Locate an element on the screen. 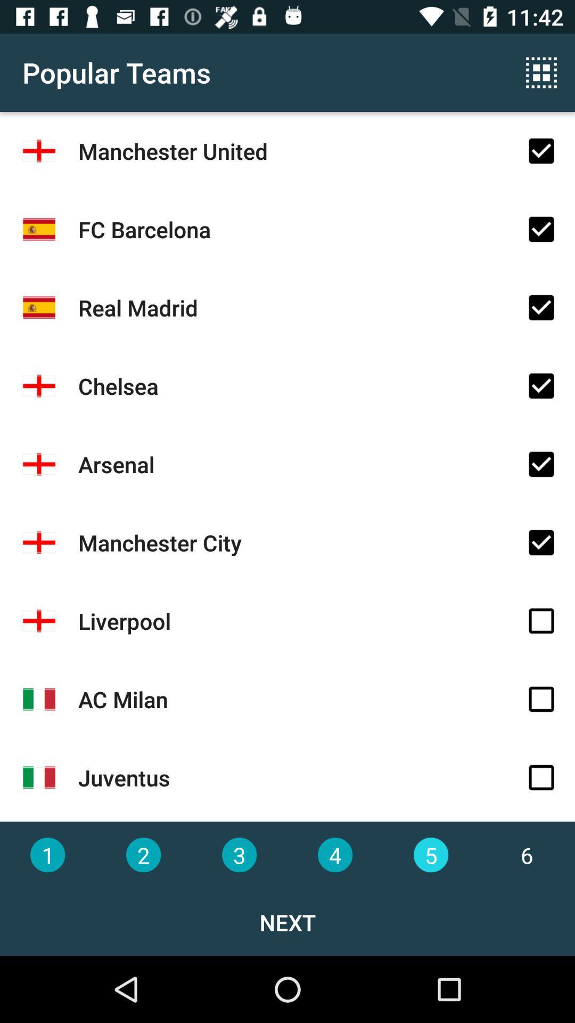 This screenshot has width=575, height=1023. the next is located at coordinates (287, 922).